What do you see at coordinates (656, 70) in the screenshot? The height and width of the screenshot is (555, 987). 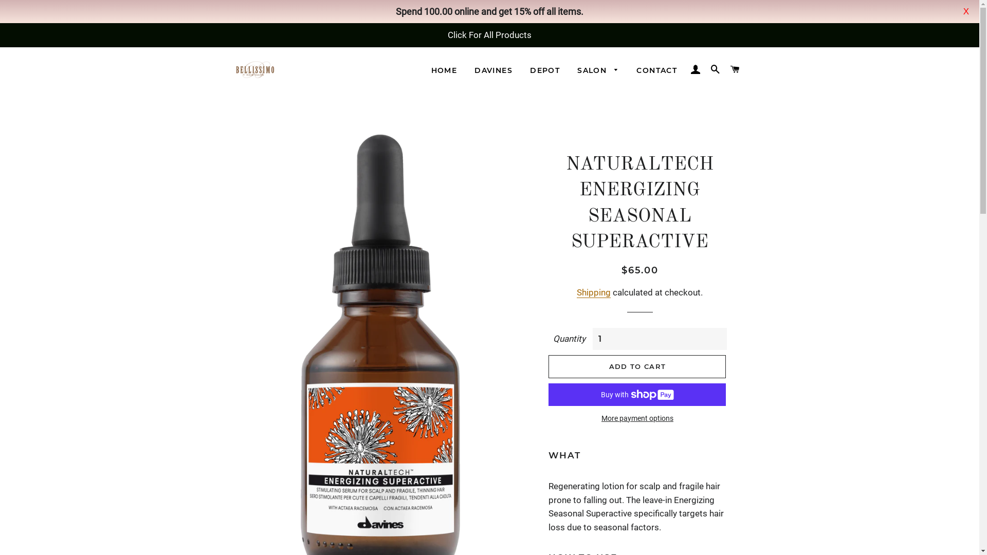 I see `'CONTACT'` at bounding box center [656, 70].